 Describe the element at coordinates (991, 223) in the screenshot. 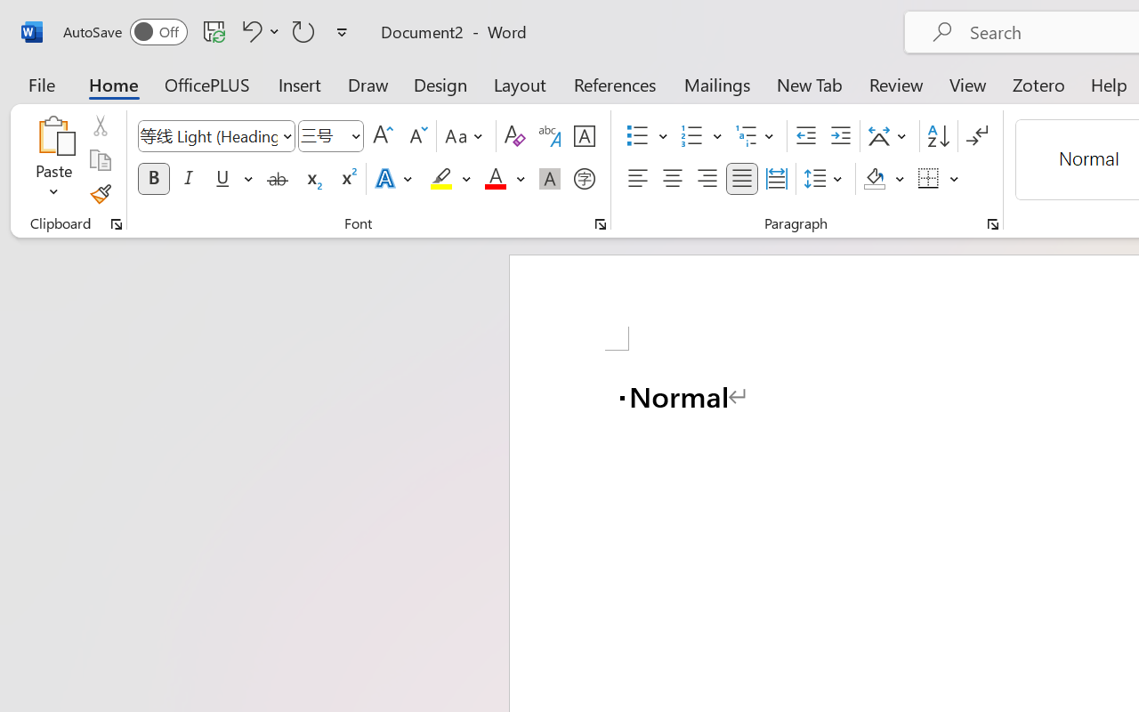

I see `'Paragraph...'` at that location.